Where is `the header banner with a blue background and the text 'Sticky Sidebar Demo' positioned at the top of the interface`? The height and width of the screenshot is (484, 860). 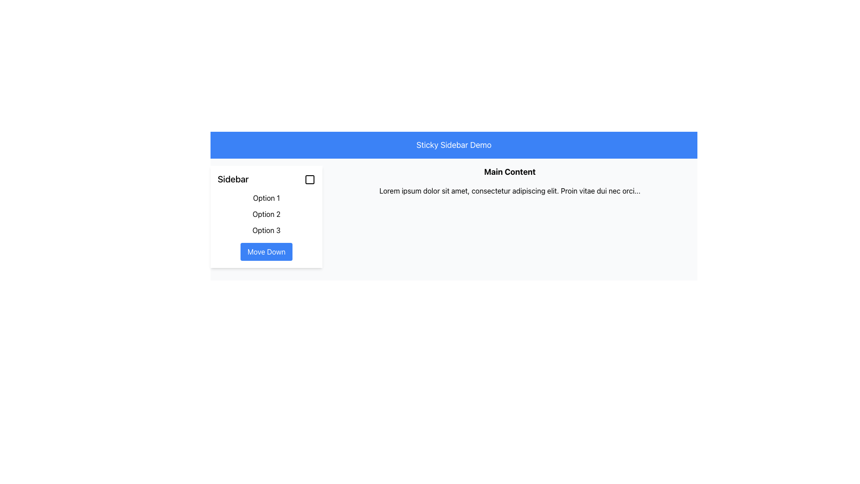
the header banner with a blue background and the text 'Sticky Sidebar Demo' positioned at the top of the interface is located at coordinates (454, 145).